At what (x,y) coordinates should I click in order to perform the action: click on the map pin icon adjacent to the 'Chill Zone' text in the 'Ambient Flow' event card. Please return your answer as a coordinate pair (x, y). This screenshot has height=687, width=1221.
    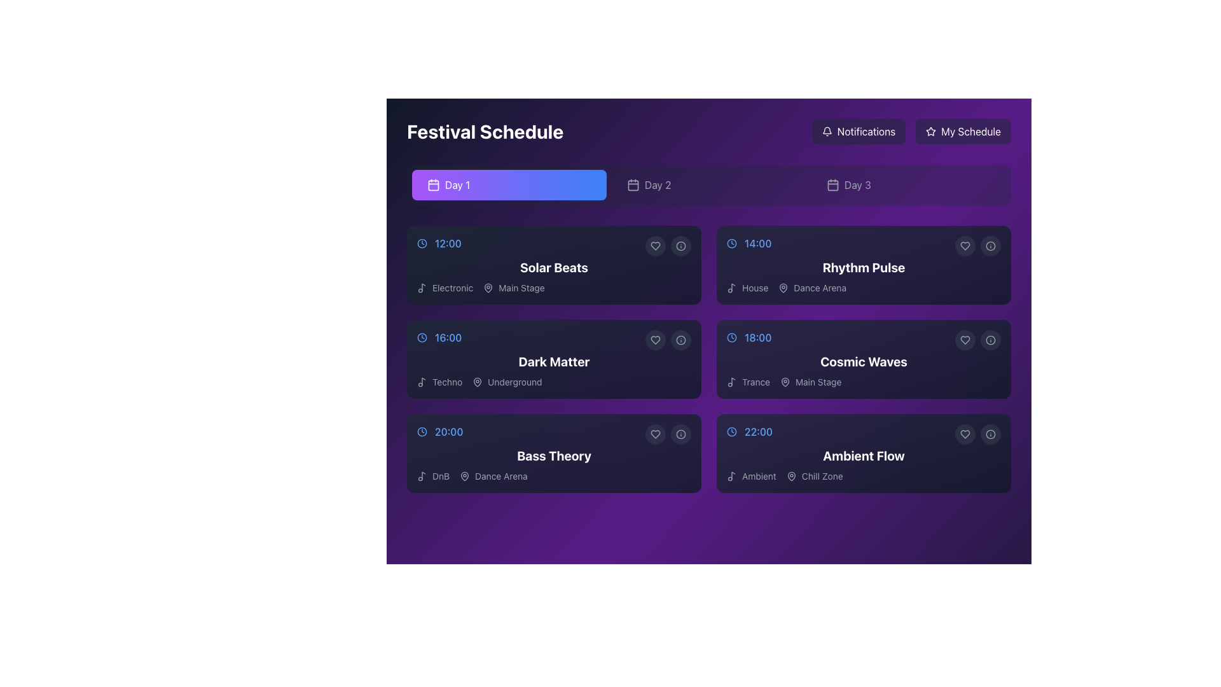
    Looking at the image, I should click on (790, 476).